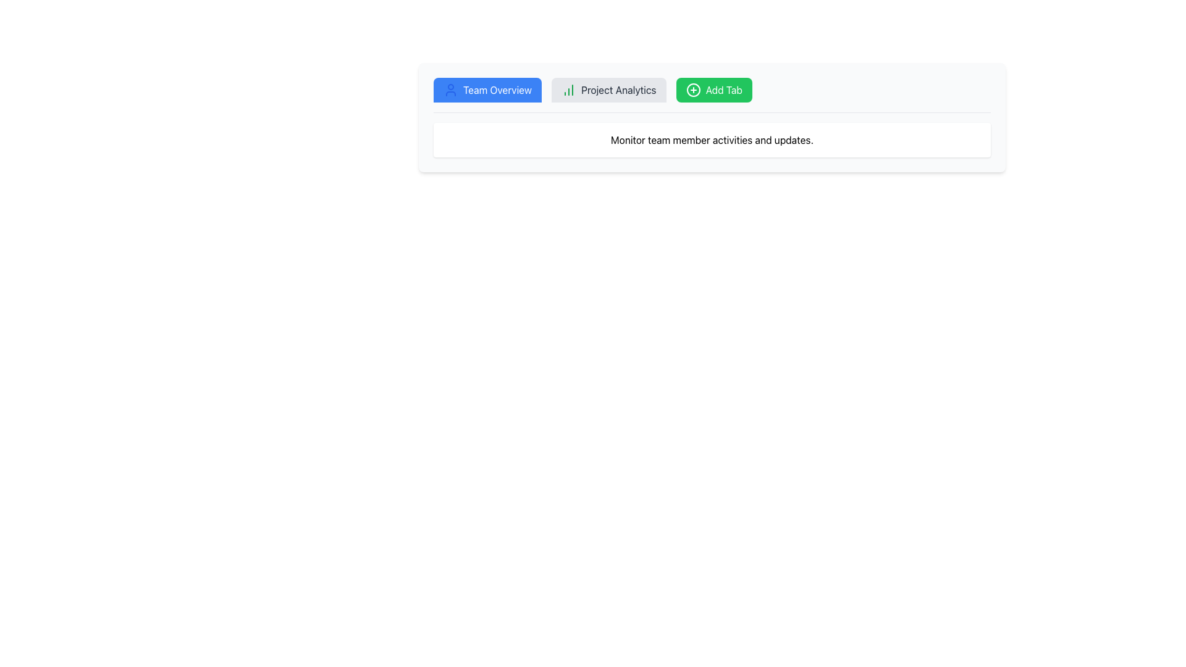 The height and width of the screenshot is (667, 1186). What do you see at coordinates (714, 90) in the screenshot?
I see `the green 'Add Tab' button with rounded corners and white text that includes a 'plus' icon, located at the rightmost position in the top navigation section` at bounding box center [714, 90].